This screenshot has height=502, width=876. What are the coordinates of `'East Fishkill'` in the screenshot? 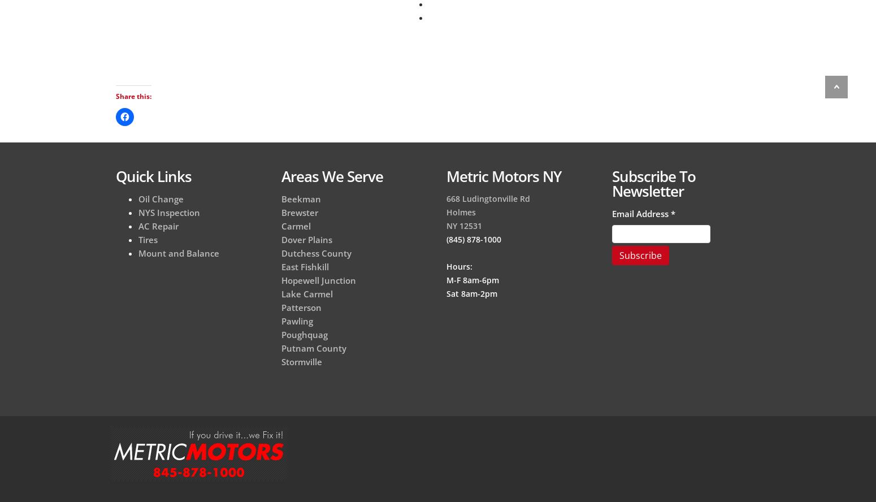 It's located at (280, 266).